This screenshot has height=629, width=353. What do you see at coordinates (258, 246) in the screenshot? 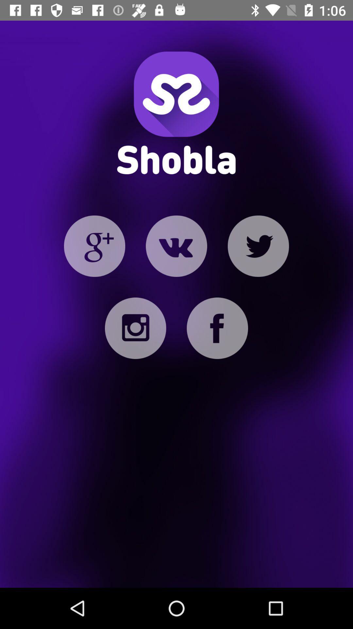
I see `twitter button` at bounding box center [258, 246].